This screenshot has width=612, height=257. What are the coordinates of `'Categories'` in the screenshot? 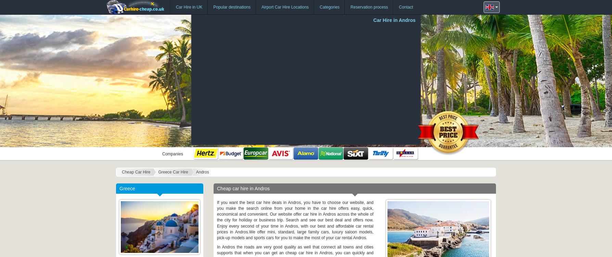 It's located at (330, 7).